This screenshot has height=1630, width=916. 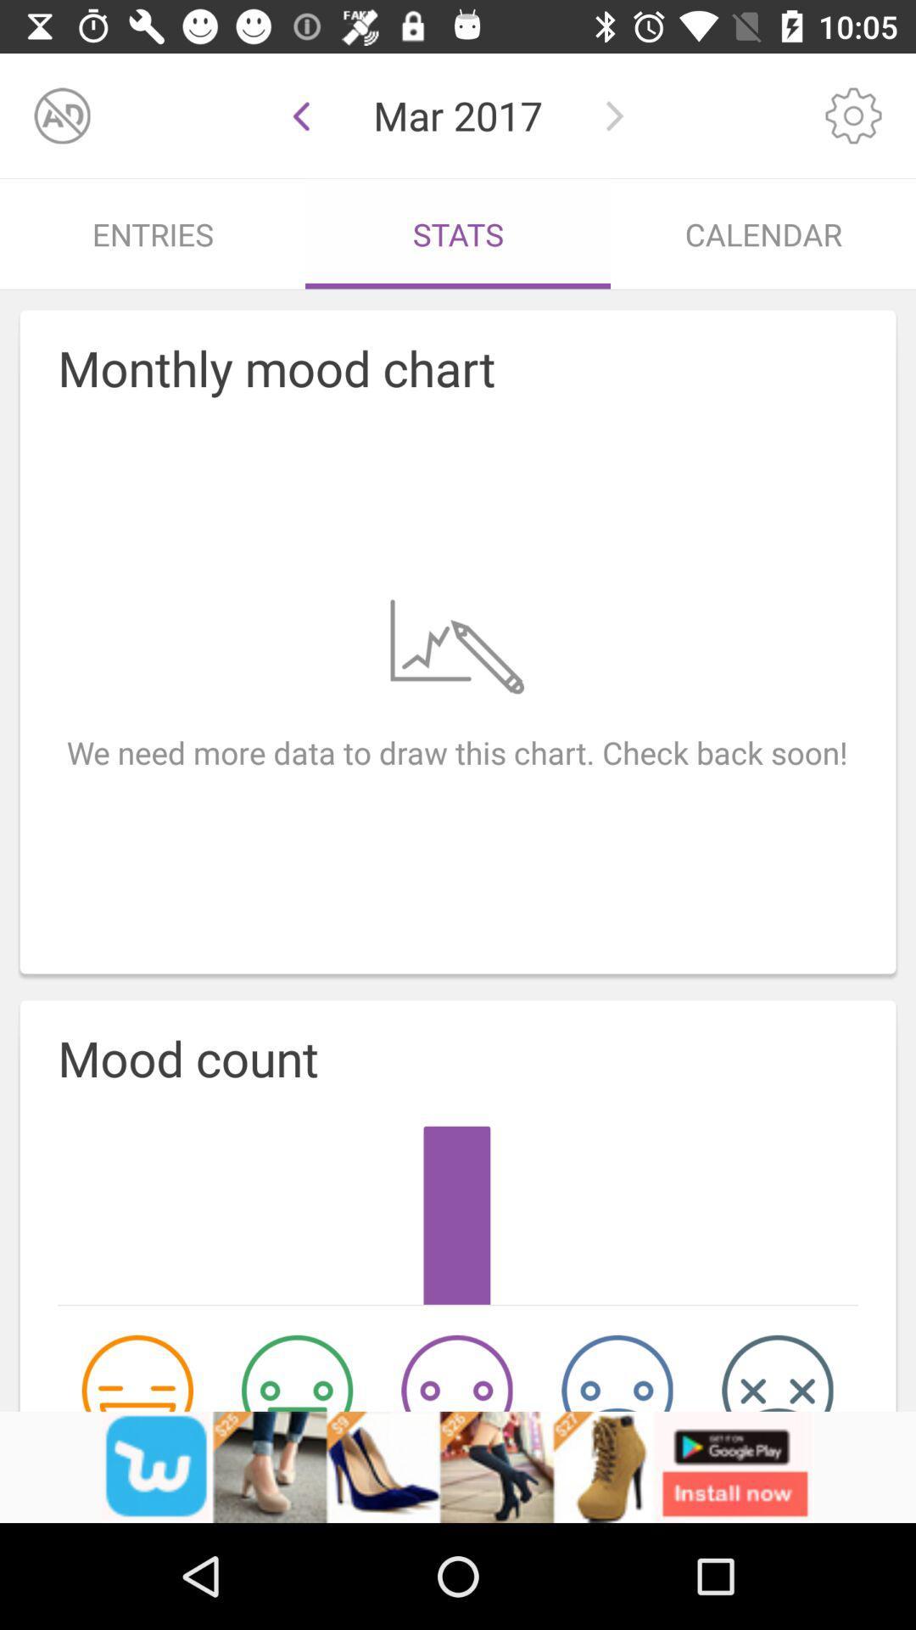 What do you see at coordinates (853, 115) in the screenshot?
I see `menu page` at bounding box center [853, 115].